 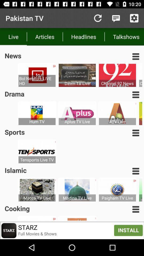 I want to click on icon to the right of live item, so click(x=45, y=36).